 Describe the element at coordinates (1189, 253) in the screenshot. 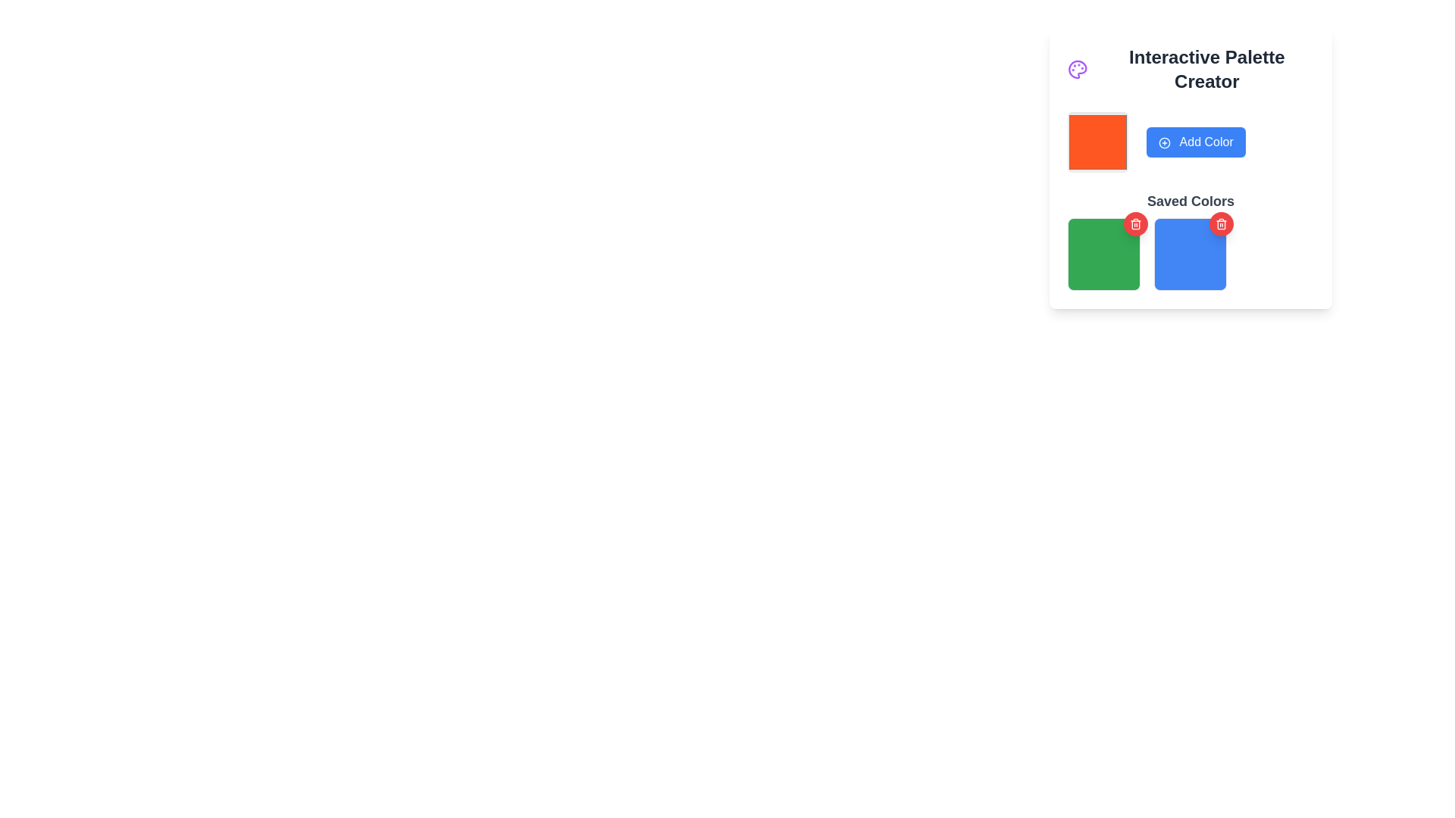

I see `the square colored block located in the second position of the row in the 'Saved Colors' section, which represents a saved color in the palette` at that location.